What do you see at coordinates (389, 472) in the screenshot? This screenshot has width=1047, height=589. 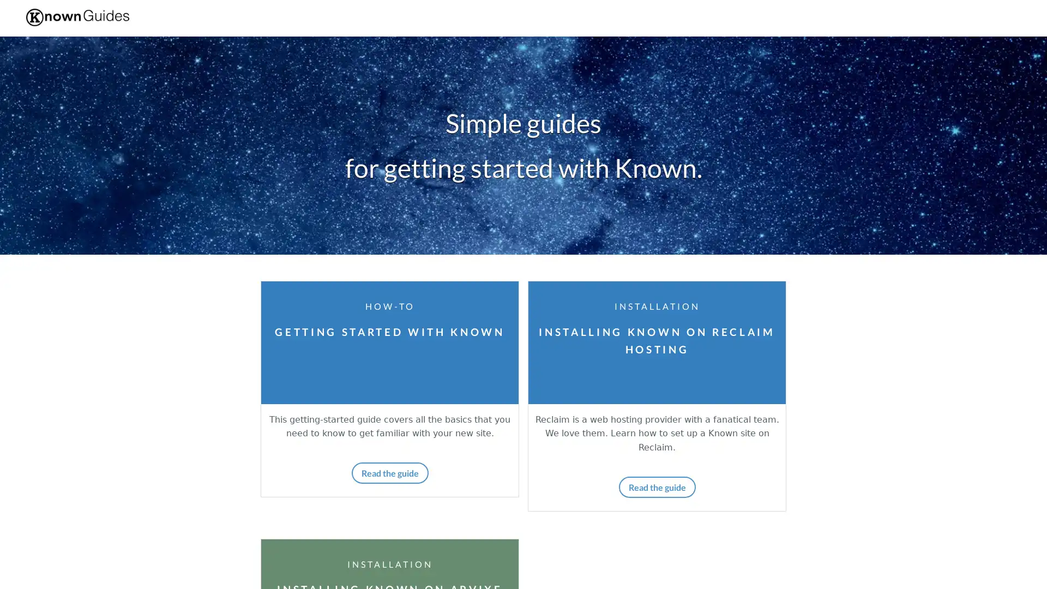 I see `Read the guide` at bounding box center [389, 472].